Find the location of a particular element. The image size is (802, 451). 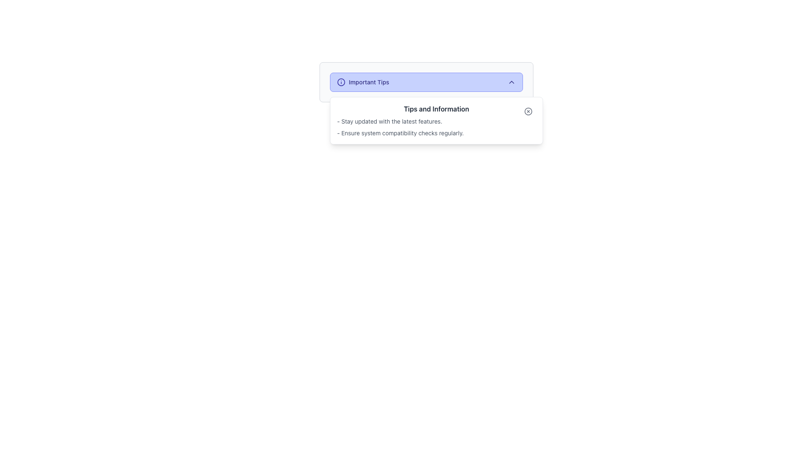

the close button located in the top-right corner of the 'Tips and Information' section is located at coordinates (528, 111).